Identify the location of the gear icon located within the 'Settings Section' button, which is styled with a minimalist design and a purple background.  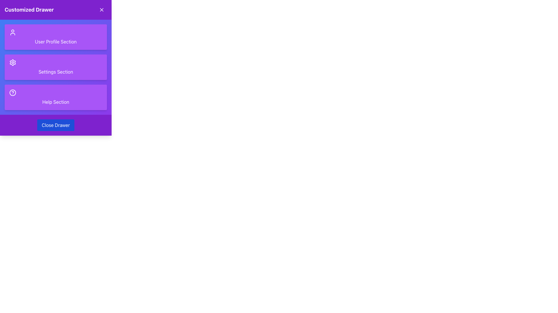
(12, 63).